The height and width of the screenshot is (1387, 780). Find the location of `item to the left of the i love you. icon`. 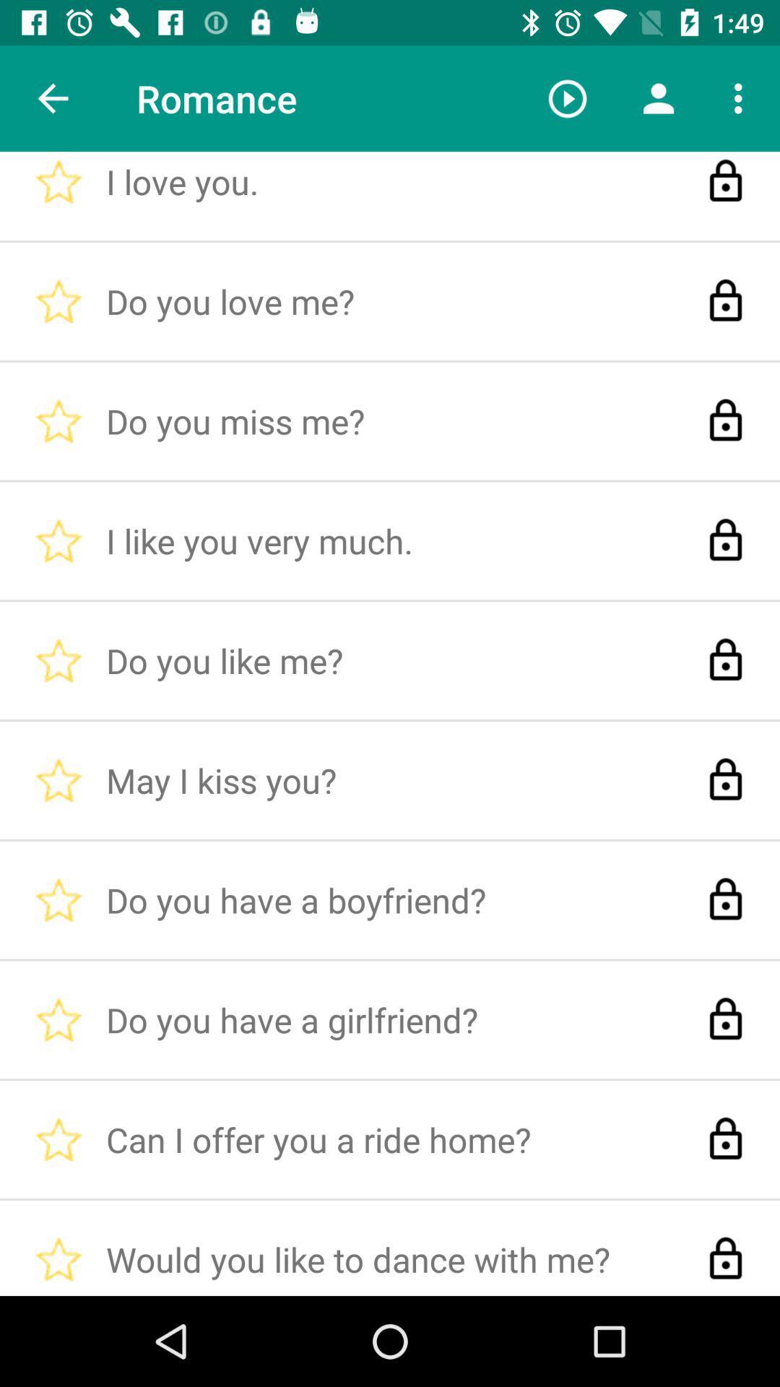

item to the left of the i love you. icon is located at coordinates (52, 98).